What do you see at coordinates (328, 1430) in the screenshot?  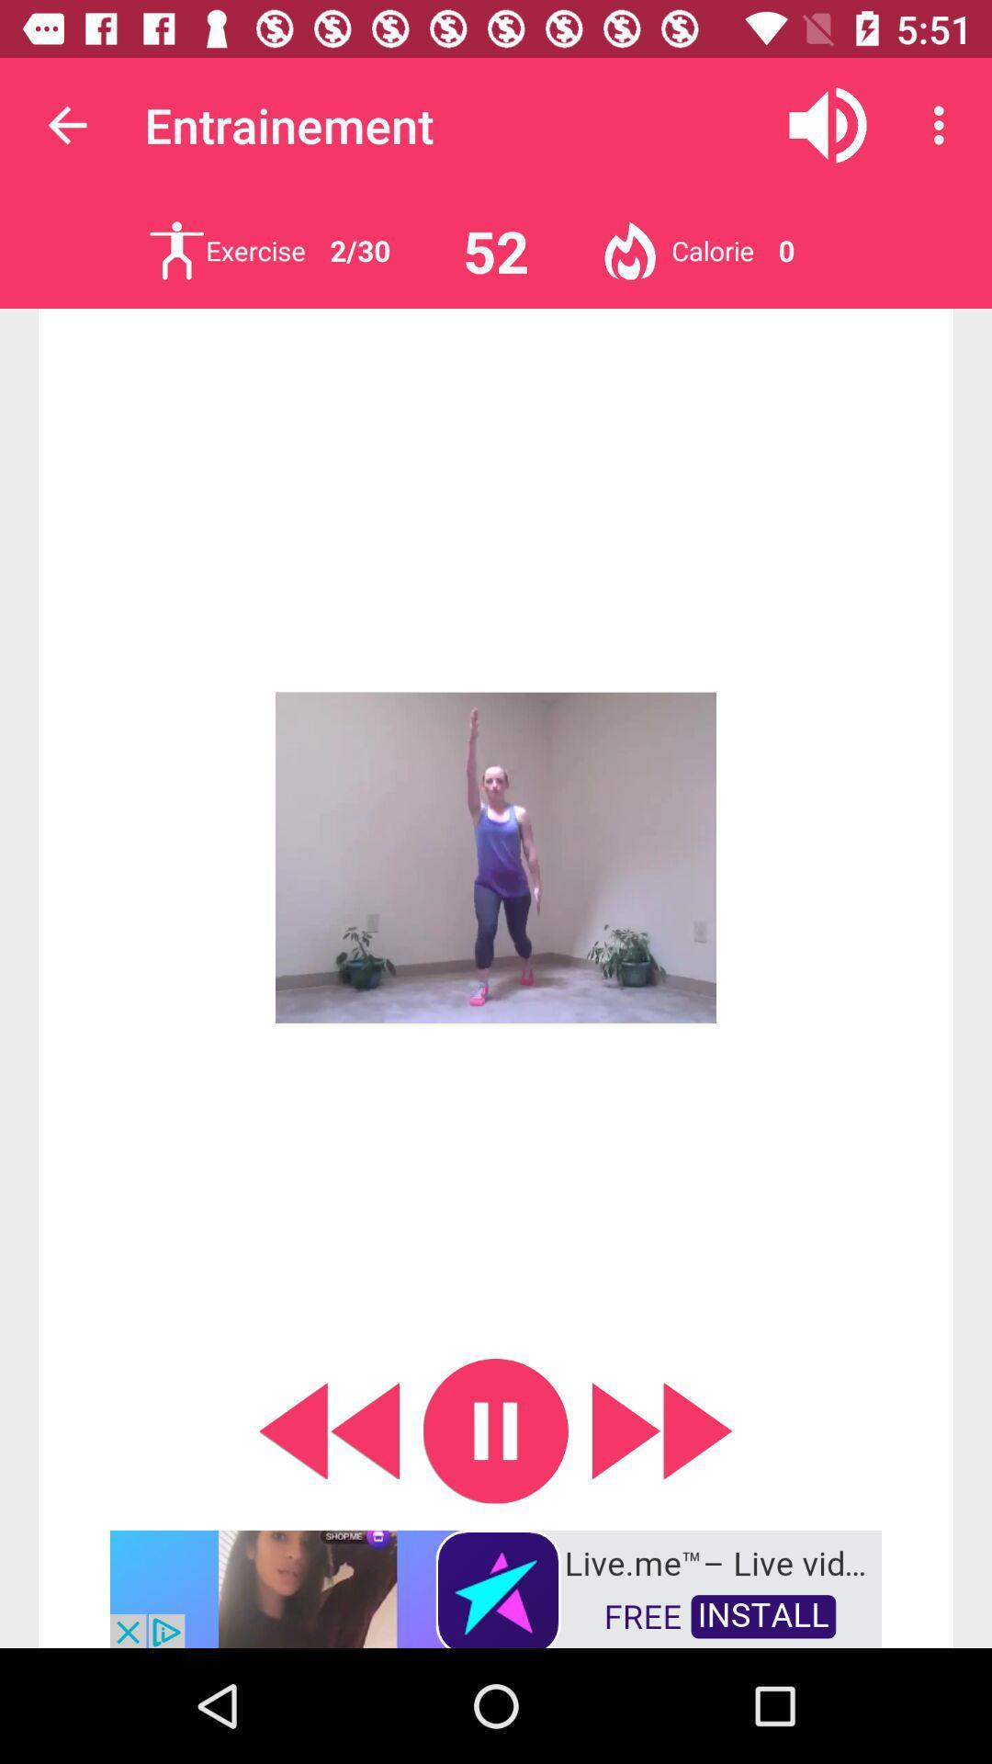 I see `rewind back` at bounding box center [328, 1430].